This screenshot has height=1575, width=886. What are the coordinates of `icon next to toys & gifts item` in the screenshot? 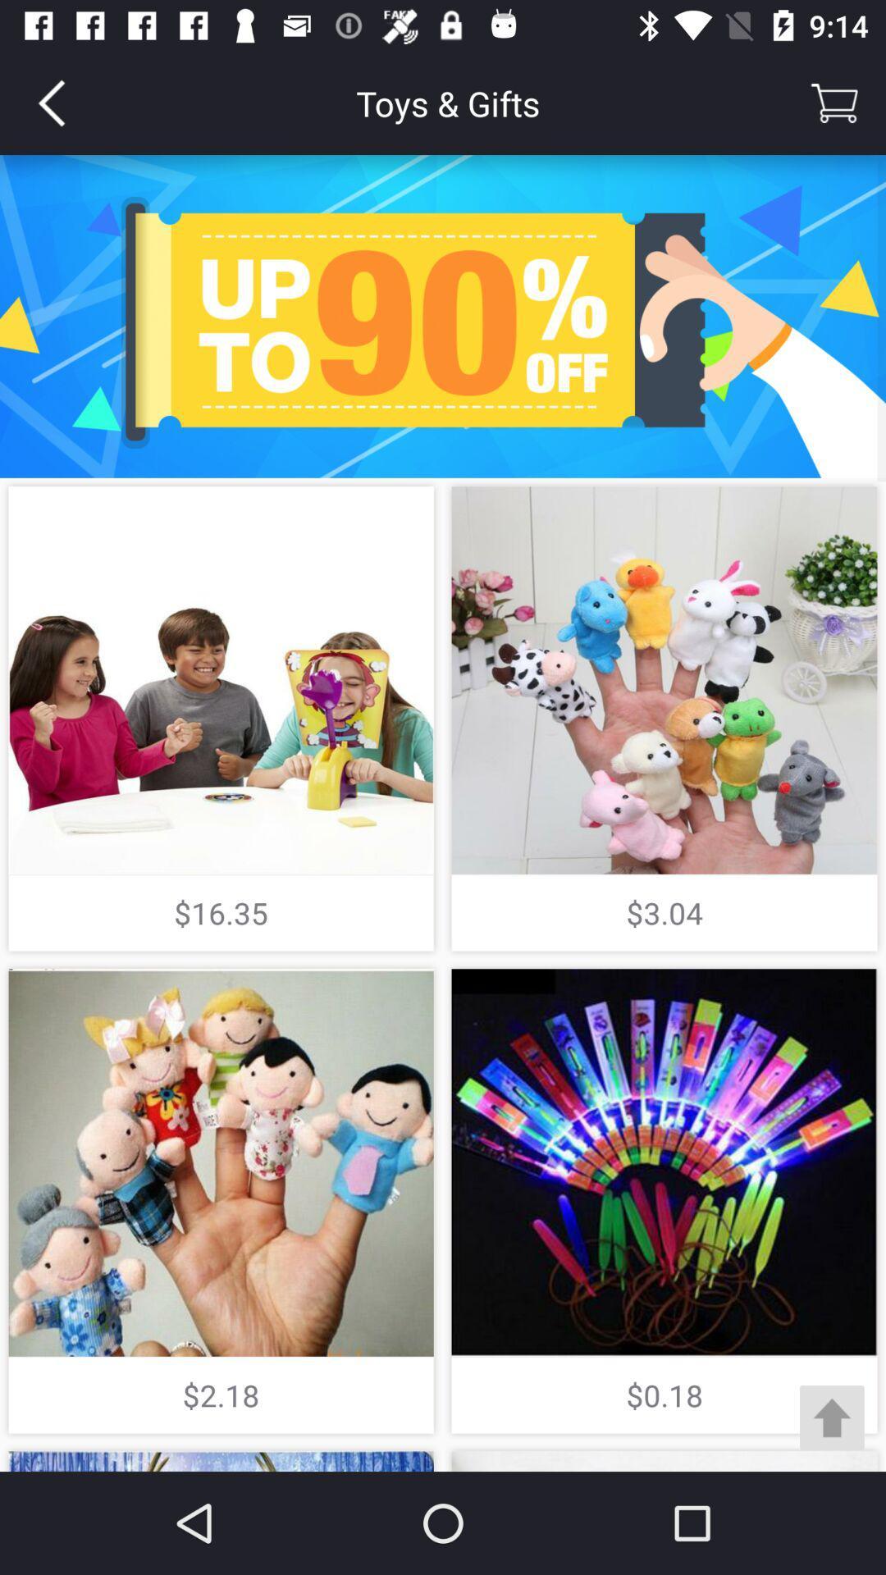 It's located at (50, 102).